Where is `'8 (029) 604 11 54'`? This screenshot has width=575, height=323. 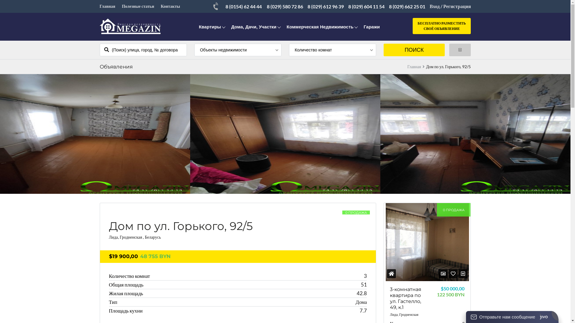 '8 (029) 604 11 54' is located at coordinates (366, 6).